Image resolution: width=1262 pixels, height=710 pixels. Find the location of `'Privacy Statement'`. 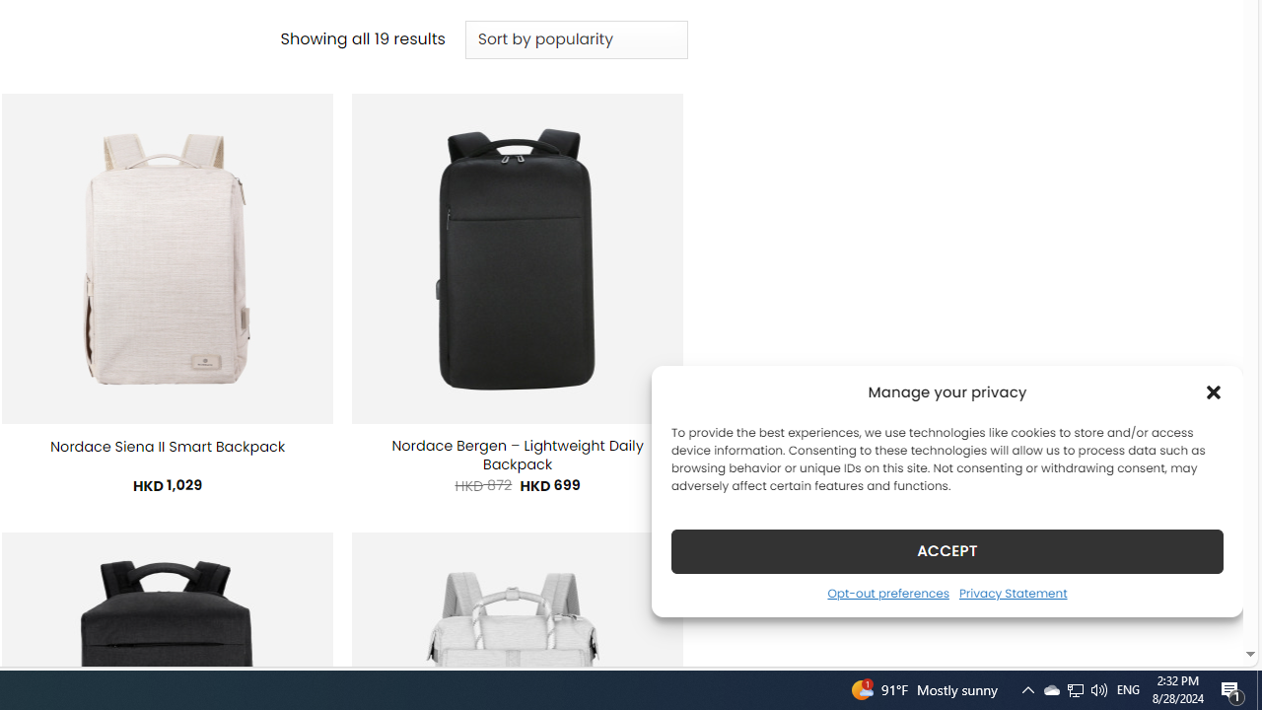

'Privacy Statement' is located at coordinates (1013, 592).